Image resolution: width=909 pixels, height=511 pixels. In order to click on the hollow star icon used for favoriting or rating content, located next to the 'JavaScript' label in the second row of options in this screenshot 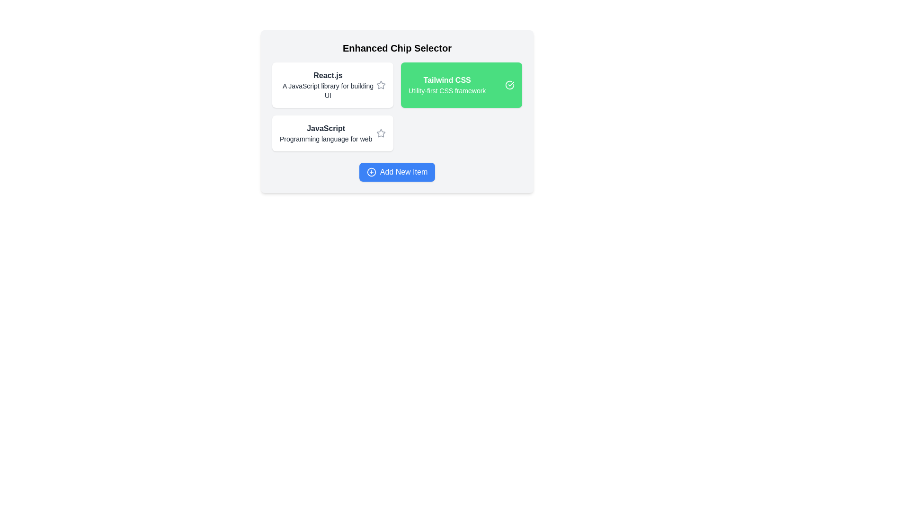, I will do `click(381, 133)`.